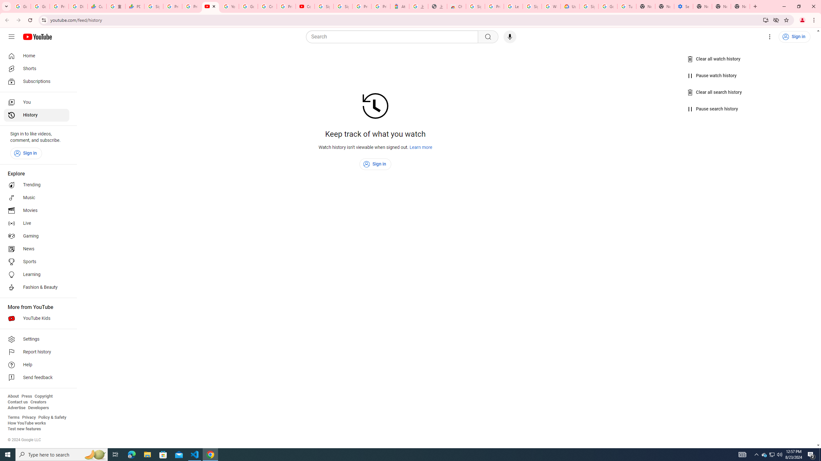  I want to click on 'Create your Google Account', so click(267, 6).